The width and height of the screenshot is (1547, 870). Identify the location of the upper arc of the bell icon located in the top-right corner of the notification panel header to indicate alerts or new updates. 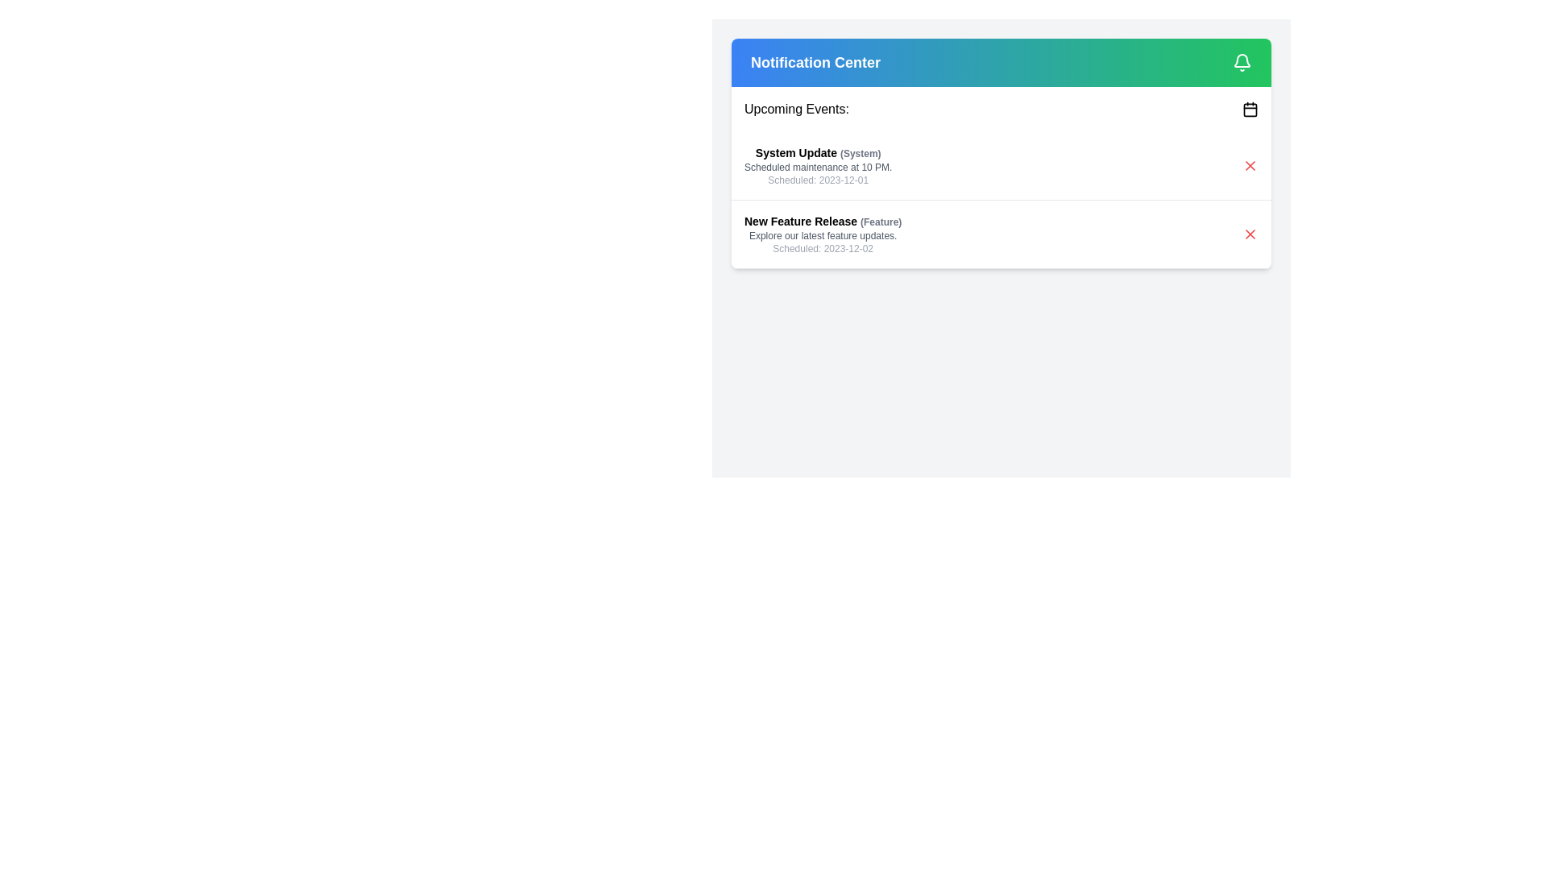
(1241, 60).